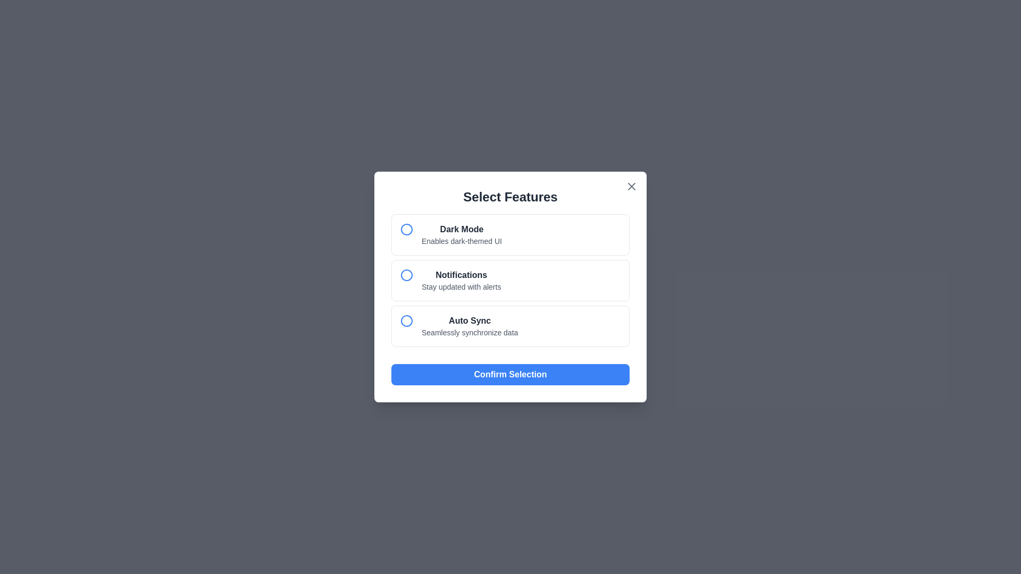 Image resolution: width=1021 pixels, height=574 pixels. What do you see at coordinates (510, 280) in the screenshot?
I see `the option corresponding to Notifications to select it` at bounding box center [510, 280].